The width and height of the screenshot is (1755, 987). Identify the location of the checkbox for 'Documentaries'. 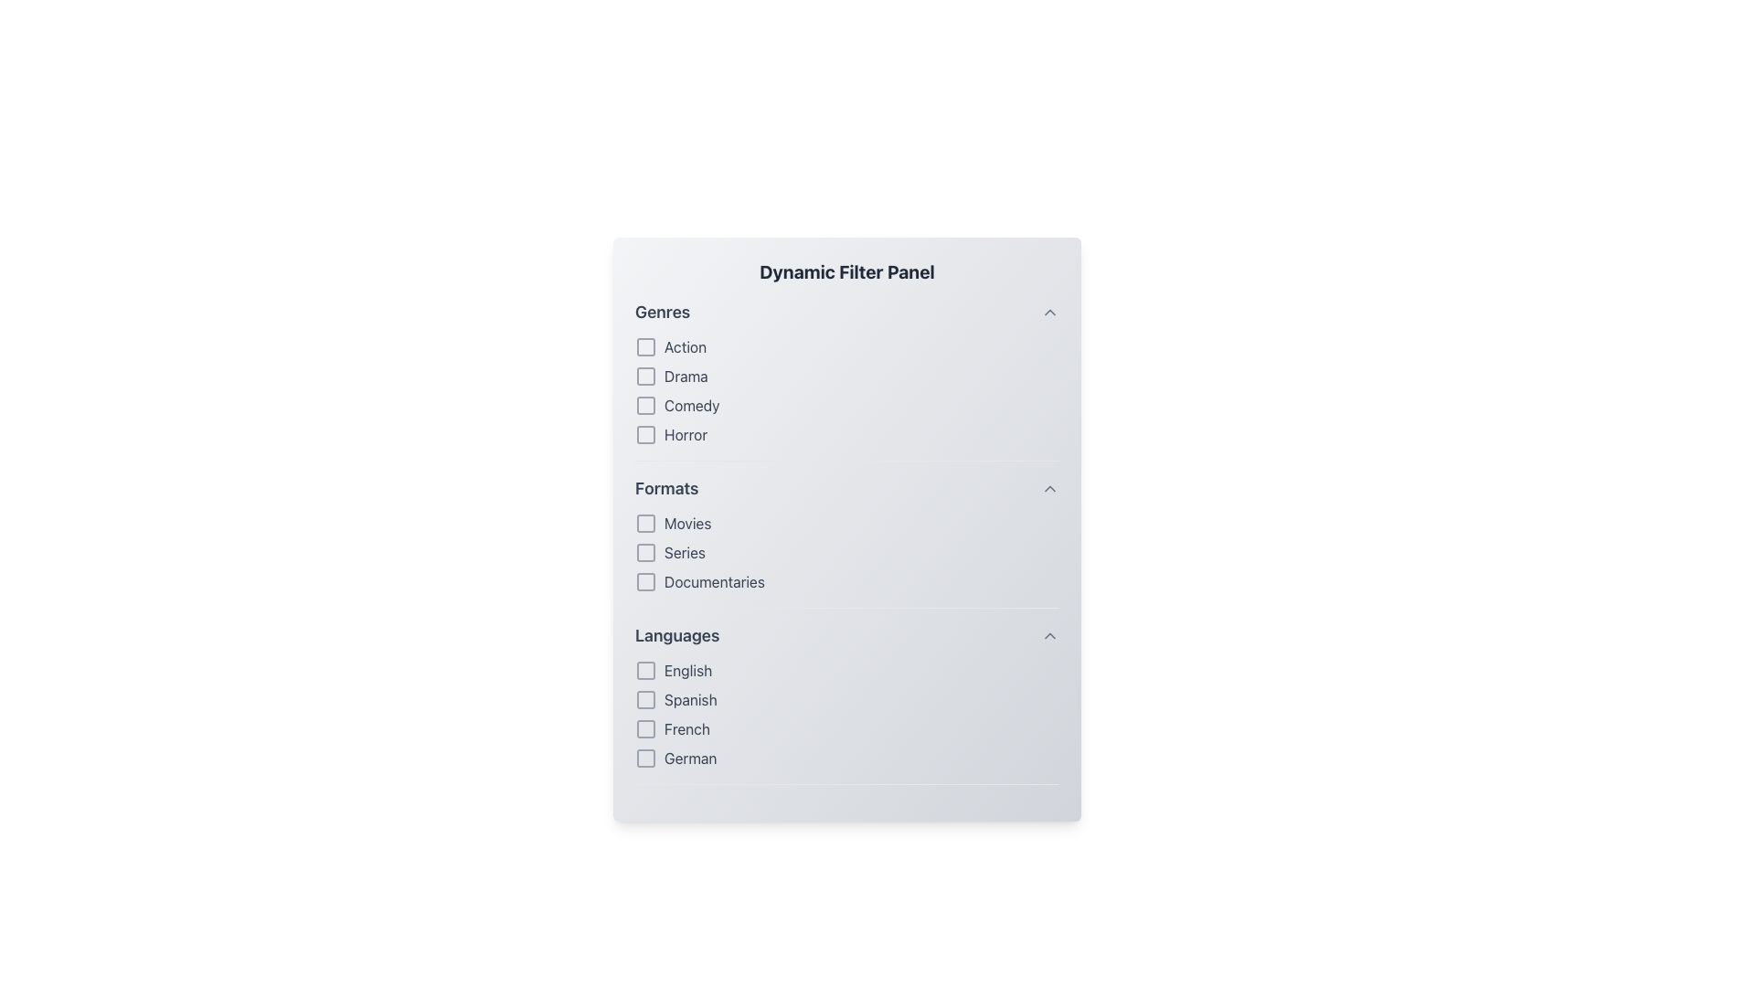
(846, 581).